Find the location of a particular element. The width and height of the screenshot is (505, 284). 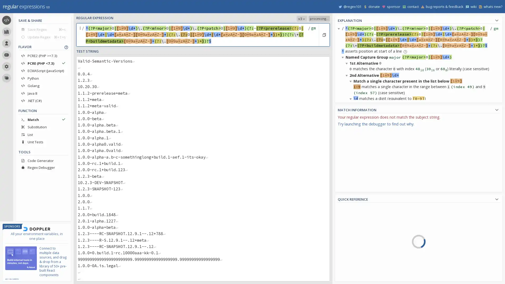

Save Regex +s is located at coordinates (43, 29).